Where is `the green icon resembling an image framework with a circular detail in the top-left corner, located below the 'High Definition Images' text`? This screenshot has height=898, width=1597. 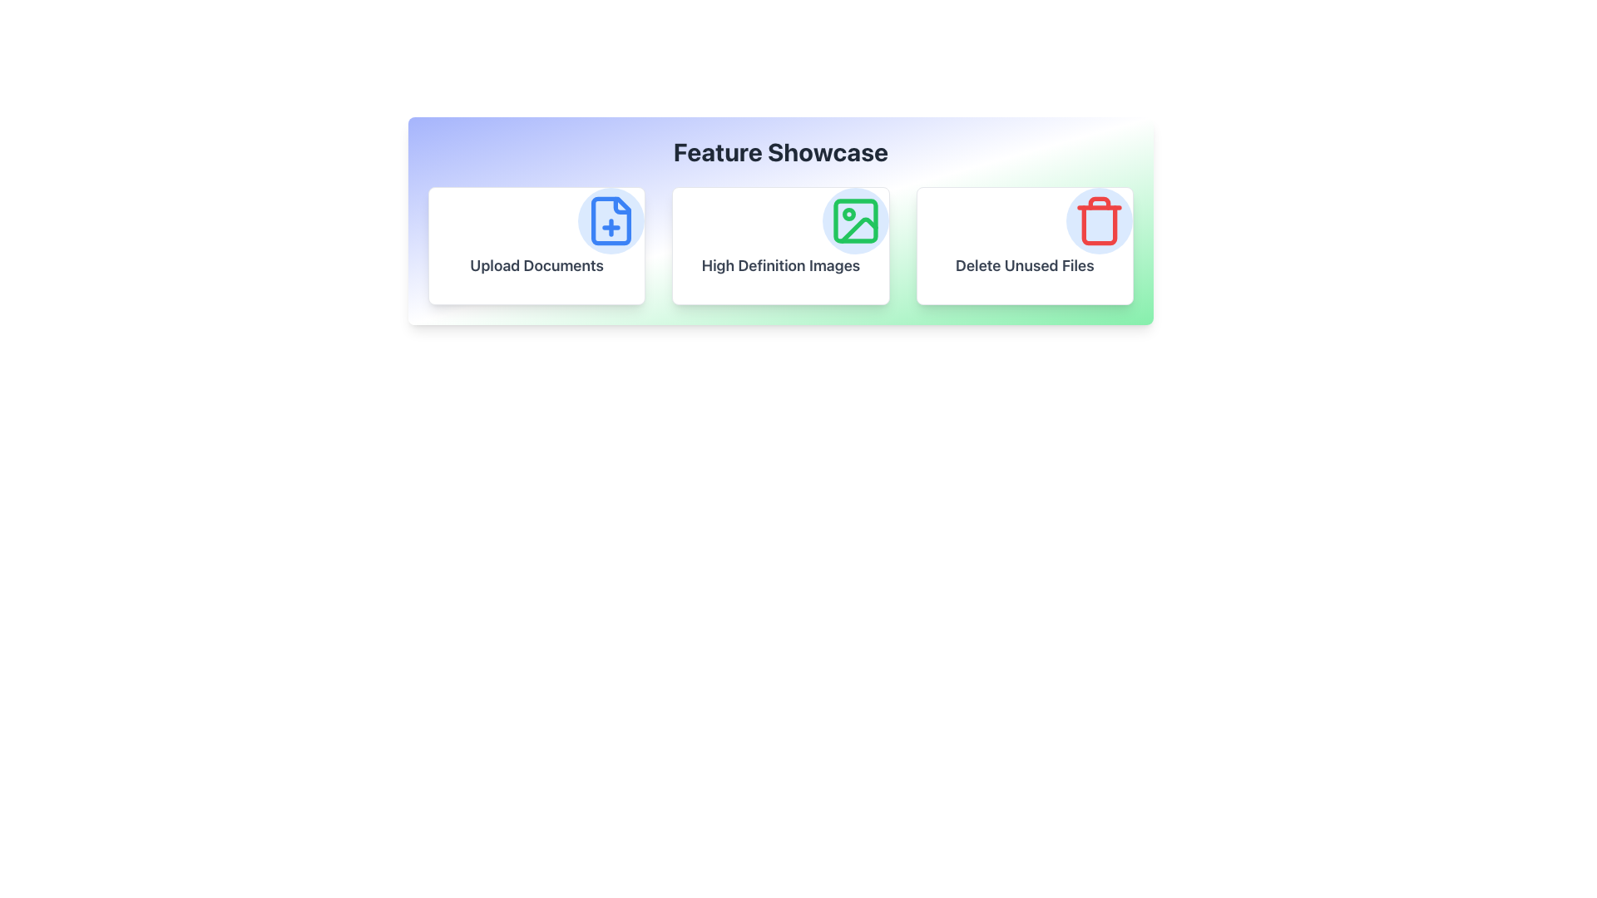 the green icon resembling an image framework with a circular detail in the top-left corner, located below the 'High Definition Images' text is located at coordinates (855, 220).